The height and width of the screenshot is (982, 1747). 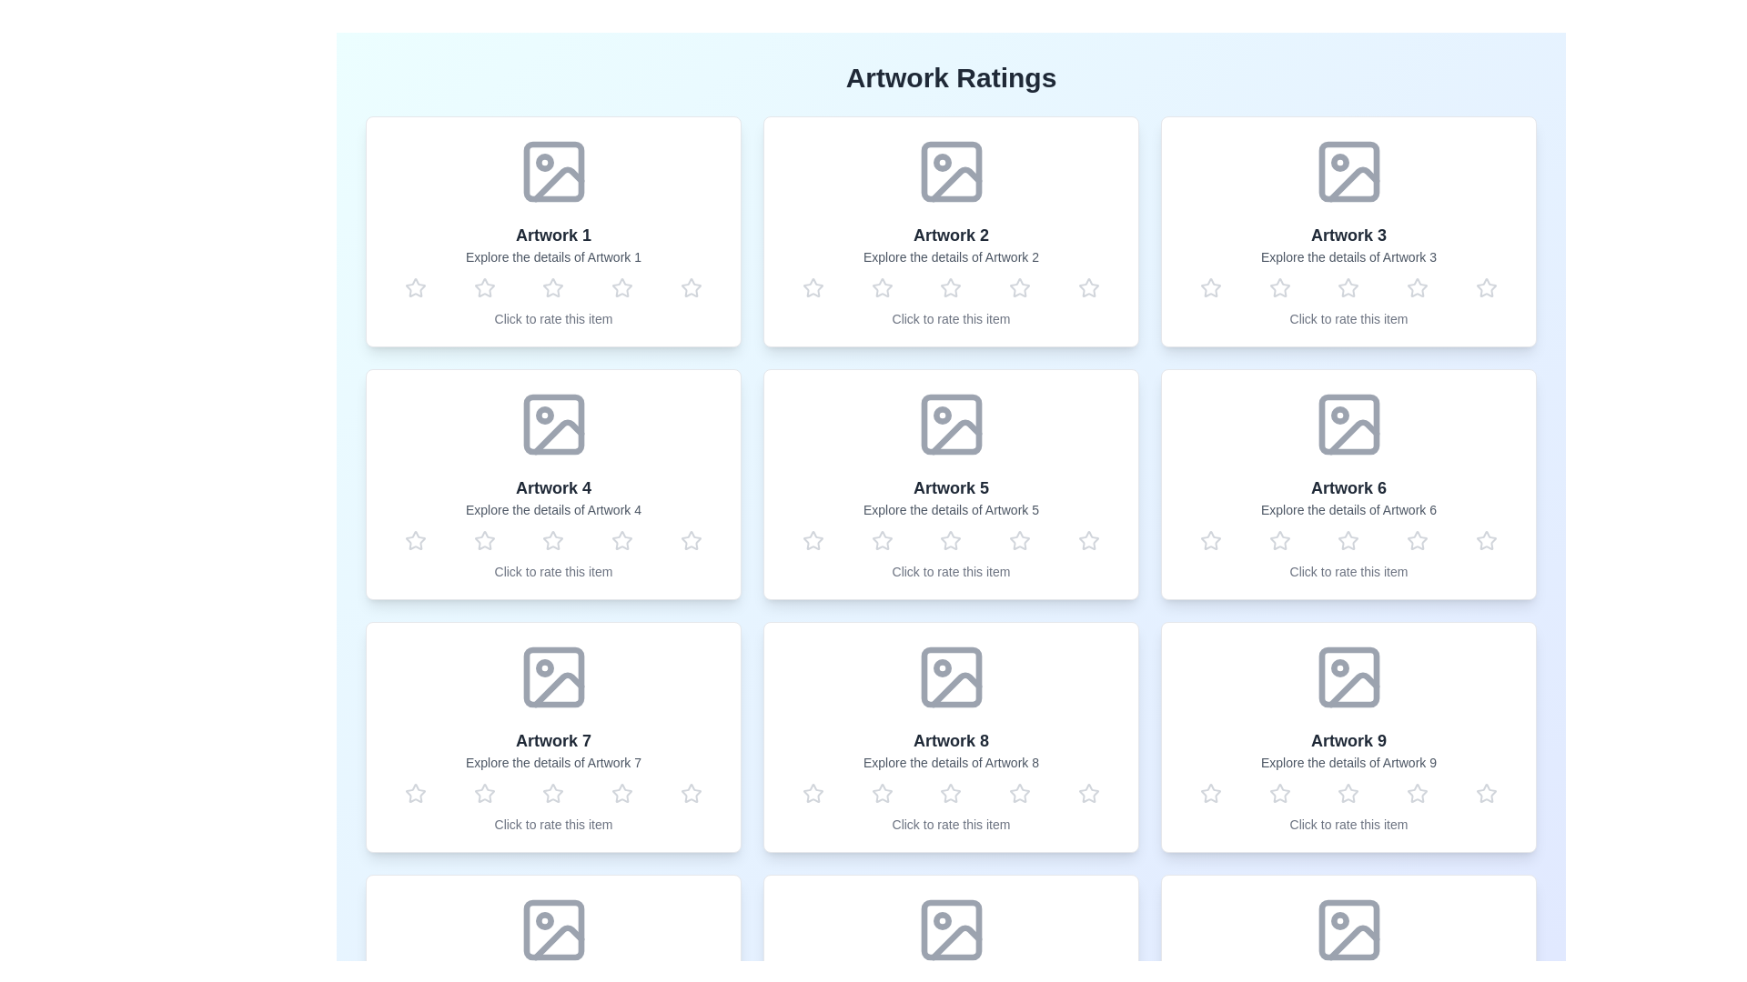 What do you see at coordinates (691, 286) in the screenshot?
I see `the star corresponding to 5 to observe interaction feedback` at bounding box center [691, 286].